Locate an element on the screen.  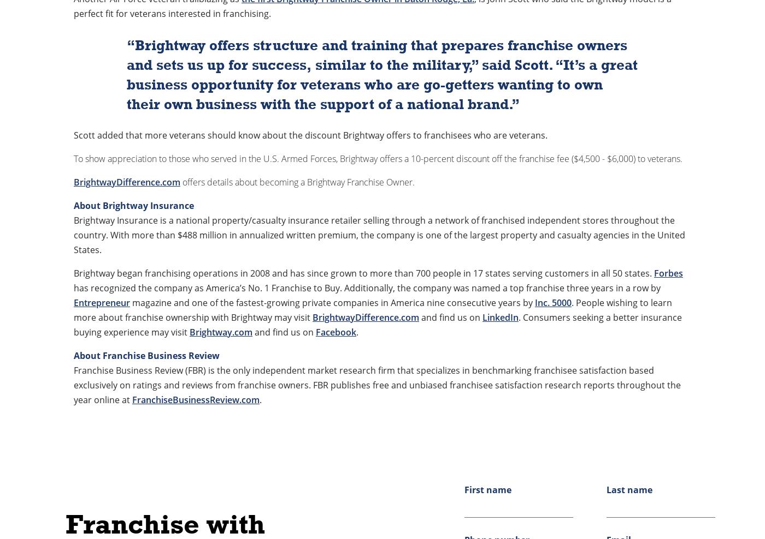
'Facebook' is located at coordinates (336, 332).